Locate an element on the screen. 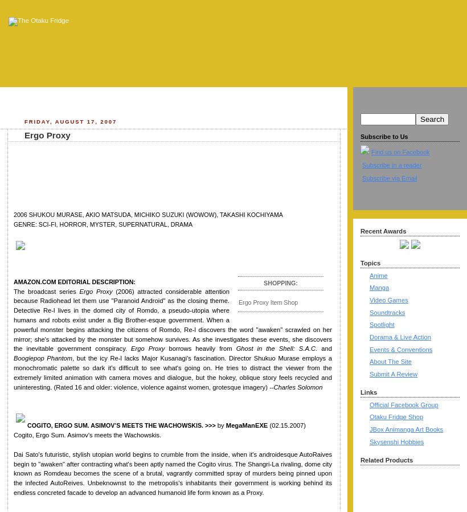 This screenshot has width=467, height=512. '2006 Shukou Murase,  Akio Matsuda, Michiko Suzuki (WOWOW), Takashi Kochiyama' is located at coordinates (148, 213).